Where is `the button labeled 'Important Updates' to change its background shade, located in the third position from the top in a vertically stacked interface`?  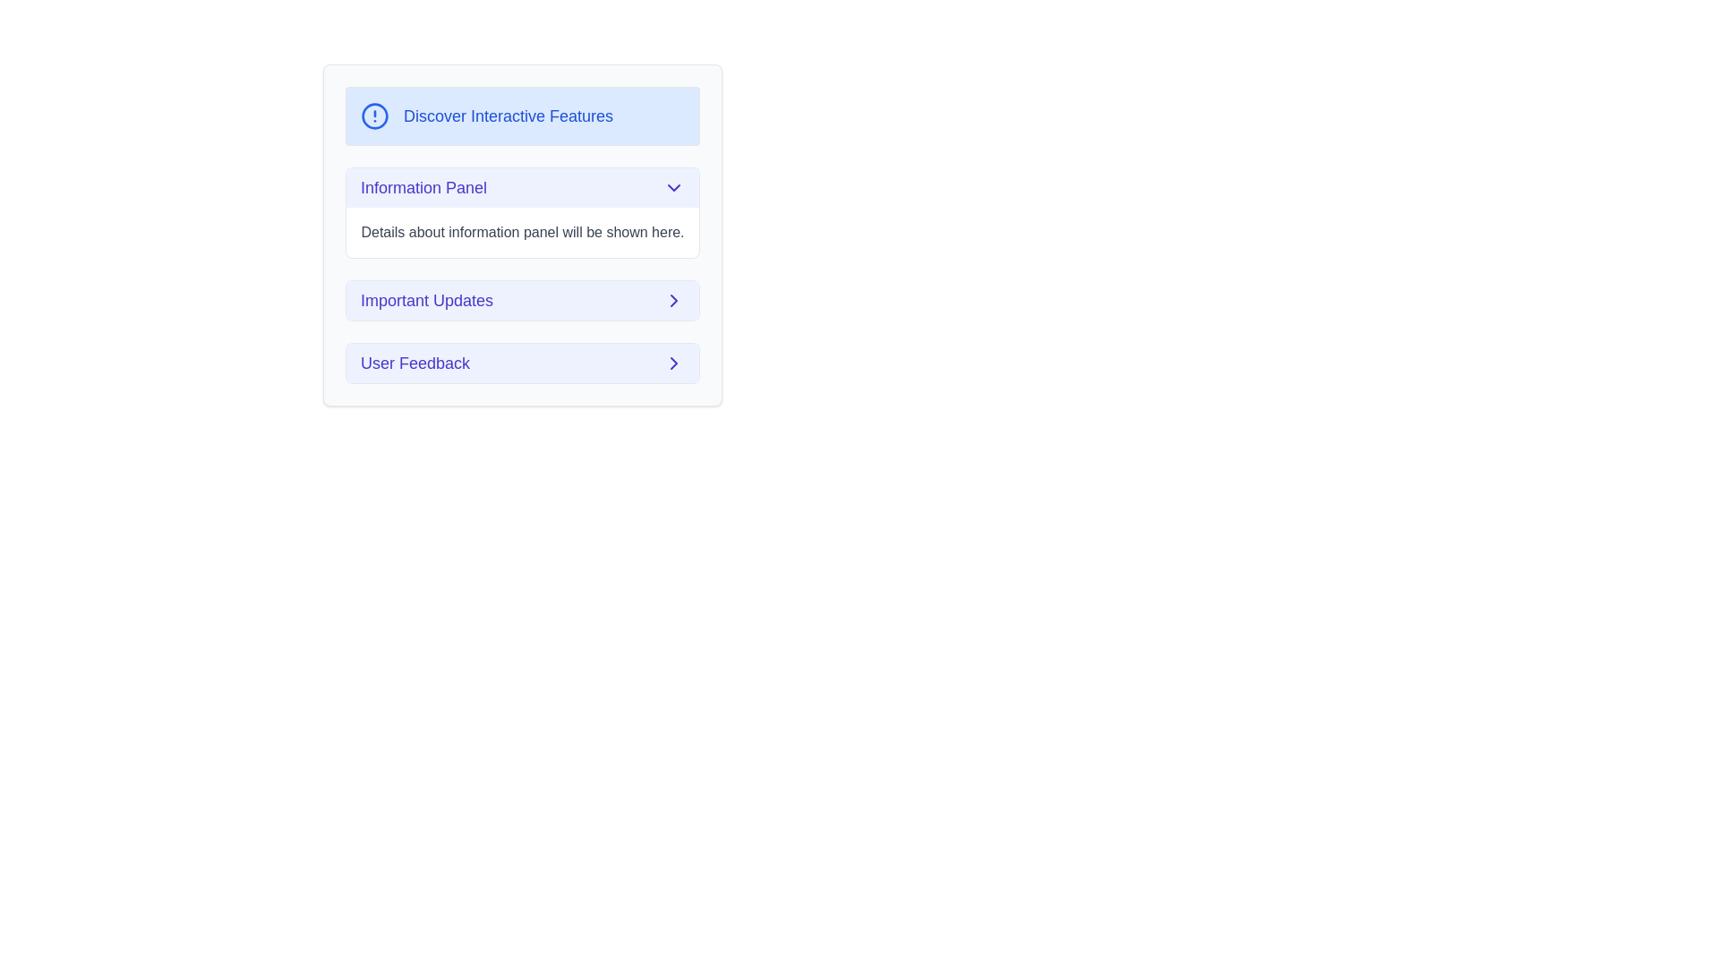
the button labeled 'Important Updates' to change its background shade, located in the third position from the top in a vertically stacked interface is located at coordinates (522, 299).